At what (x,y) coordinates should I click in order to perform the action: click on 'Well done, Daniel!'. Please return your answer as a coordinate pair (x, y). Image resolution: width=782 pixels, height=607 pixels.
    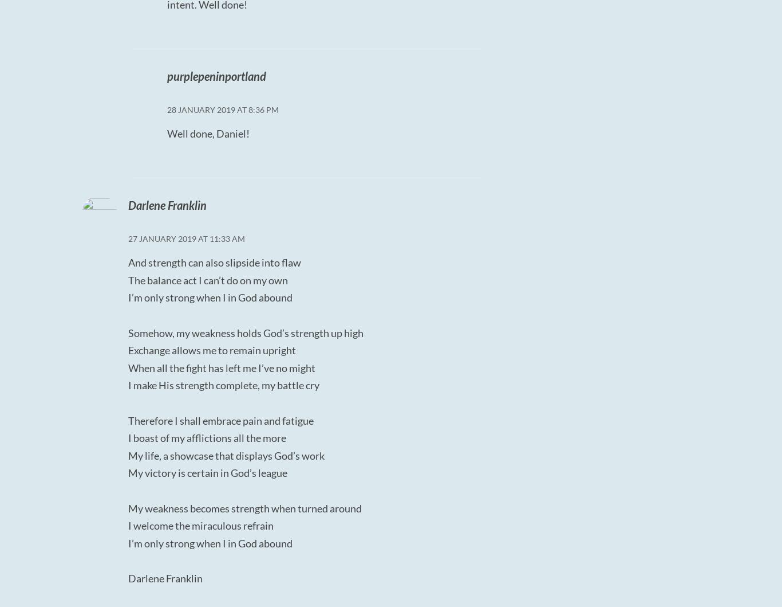
    Looking at the image, I should click on (207, 133).